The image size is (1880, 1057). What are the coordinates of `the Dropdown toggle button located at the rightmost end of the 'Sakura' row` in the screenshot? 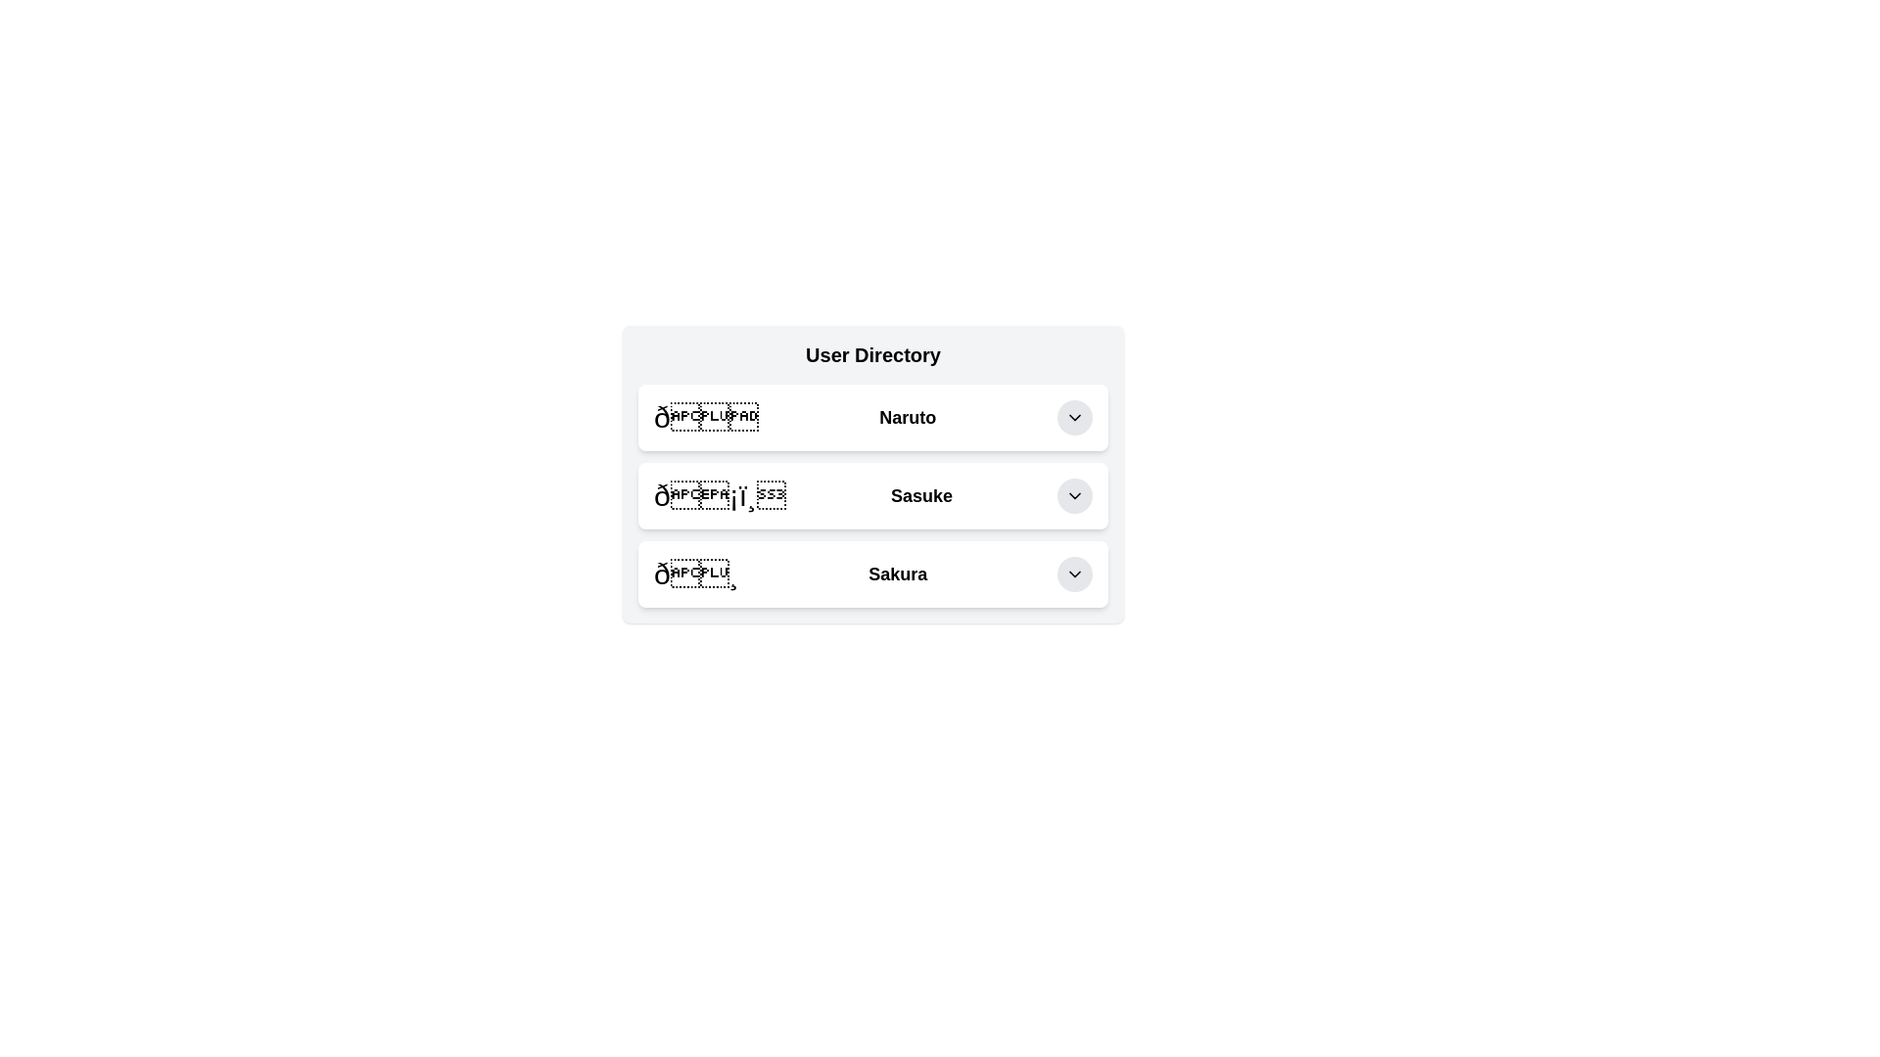 It's located at (1074, 573).